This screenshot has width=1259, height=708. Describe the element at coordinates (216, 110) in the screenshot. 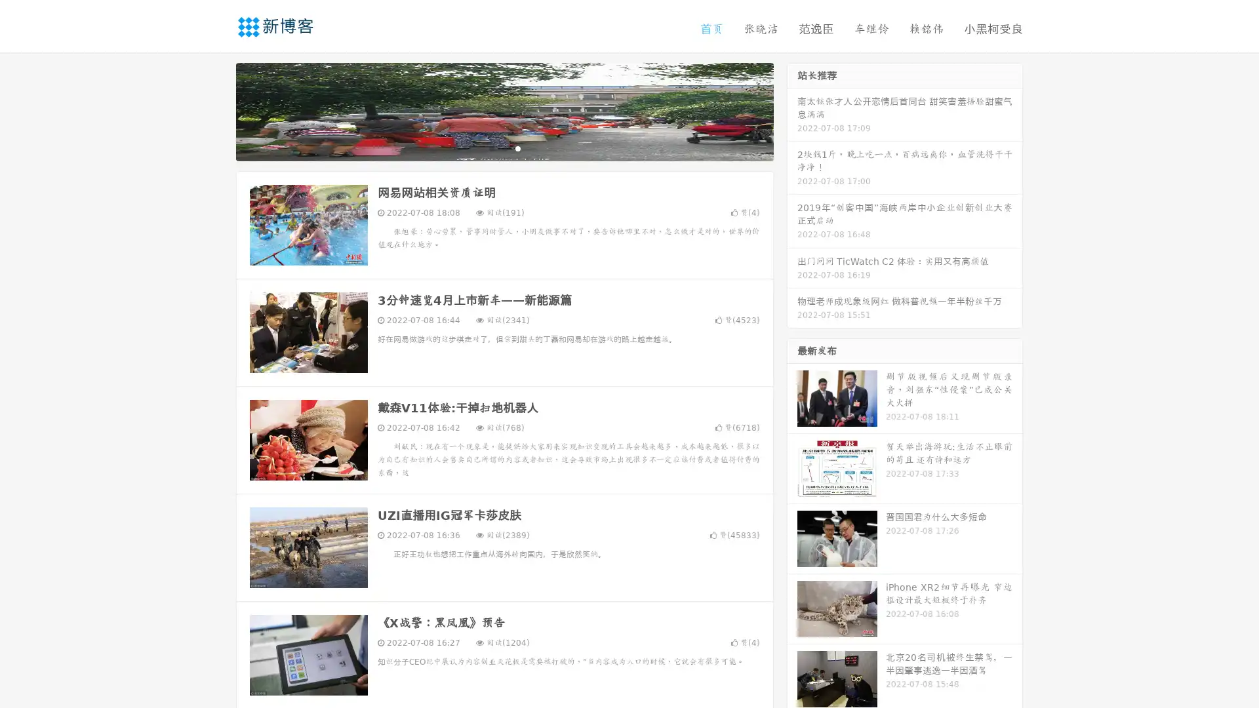

I see `Previous slide` at that location.